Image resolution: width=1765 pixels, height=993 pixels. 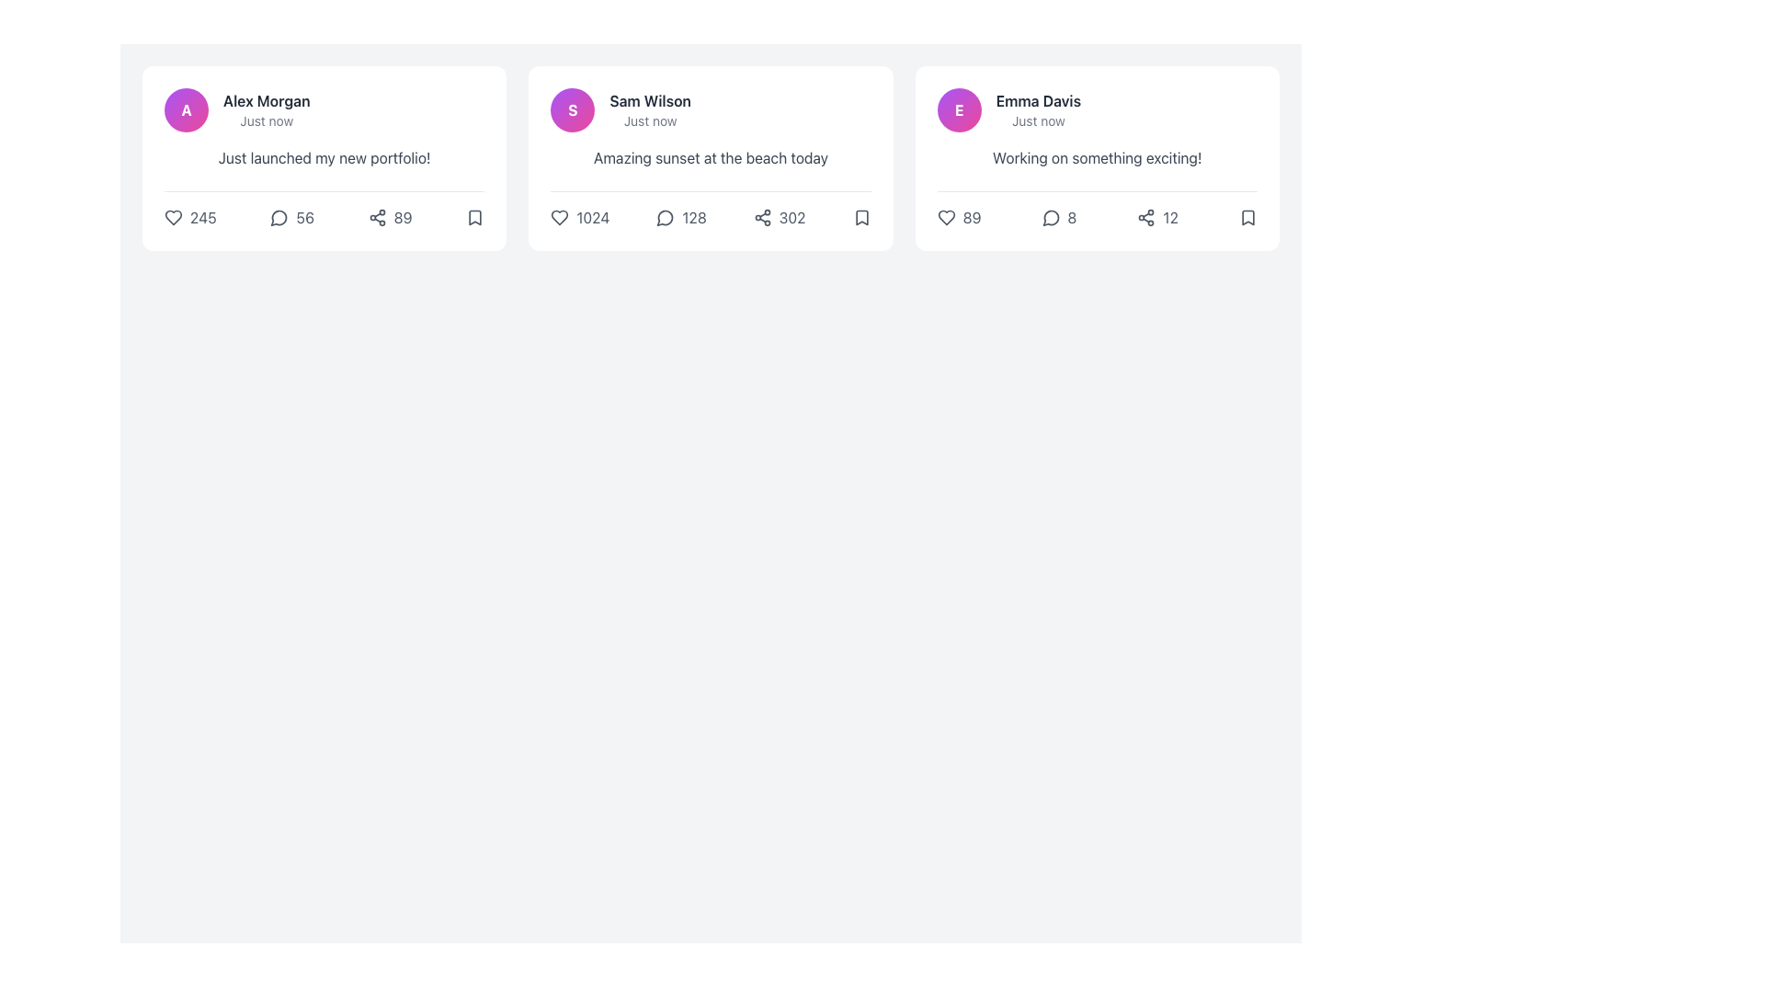 What do you see at coordinates (1051, 216) in the screenshot?
I see `the medium-dark gray speech bubble icon located to the left of the comment count '8' in the card of 'Emma Davis'` at bounding box center [1051, 216].